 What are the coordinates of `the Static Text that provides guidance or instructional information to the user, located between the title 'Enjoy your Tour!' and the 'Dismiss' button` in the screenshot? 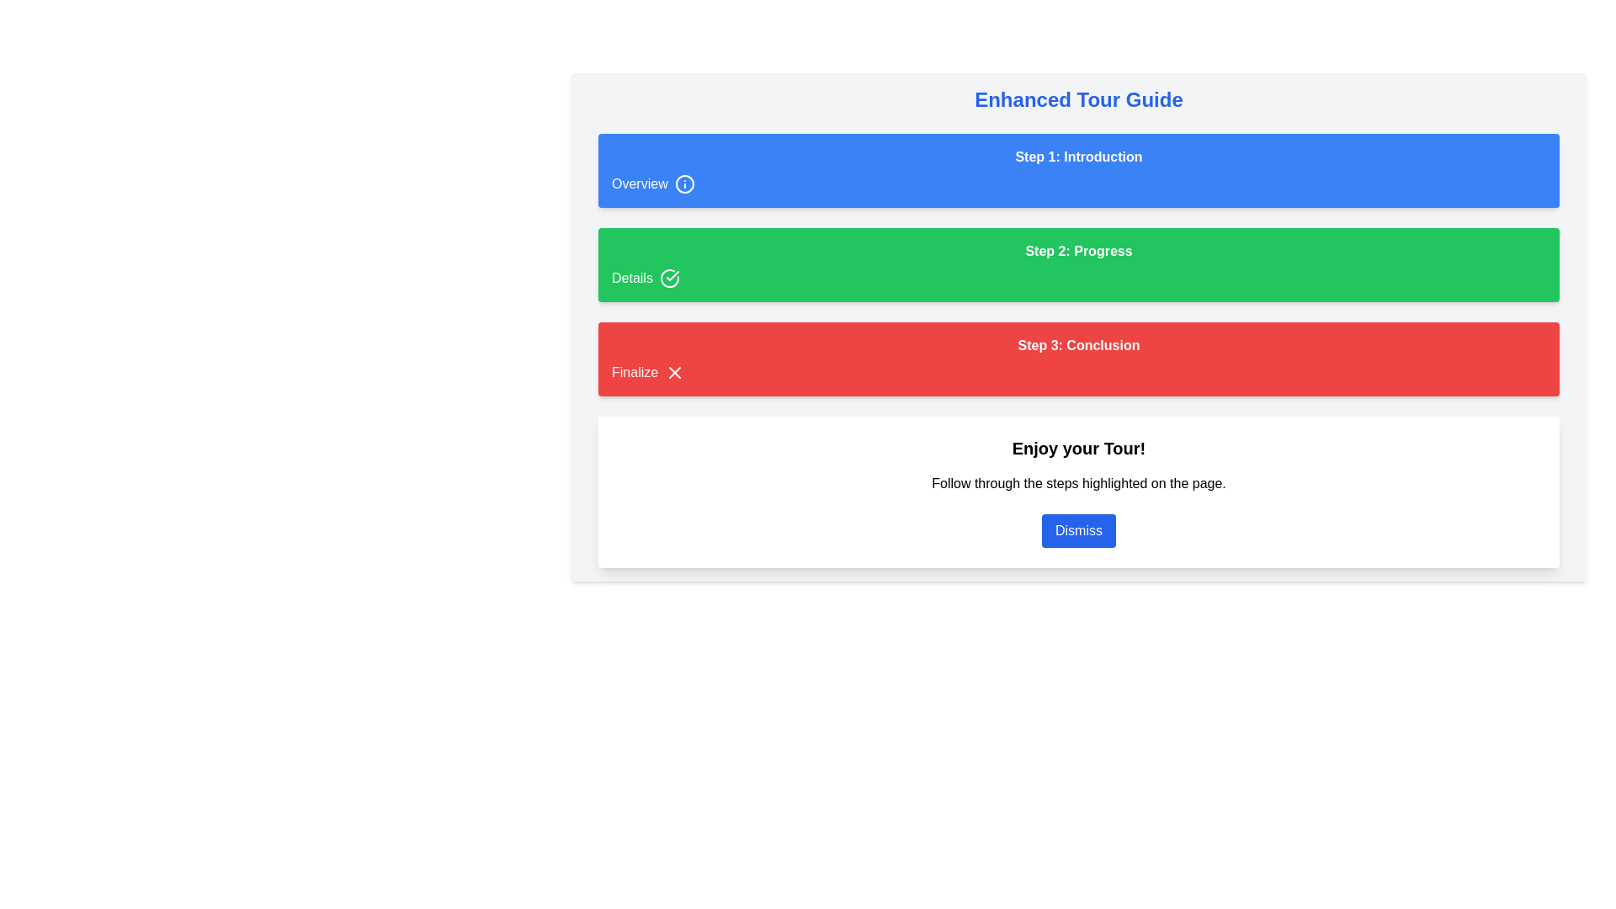 It's located at (1078, 483).